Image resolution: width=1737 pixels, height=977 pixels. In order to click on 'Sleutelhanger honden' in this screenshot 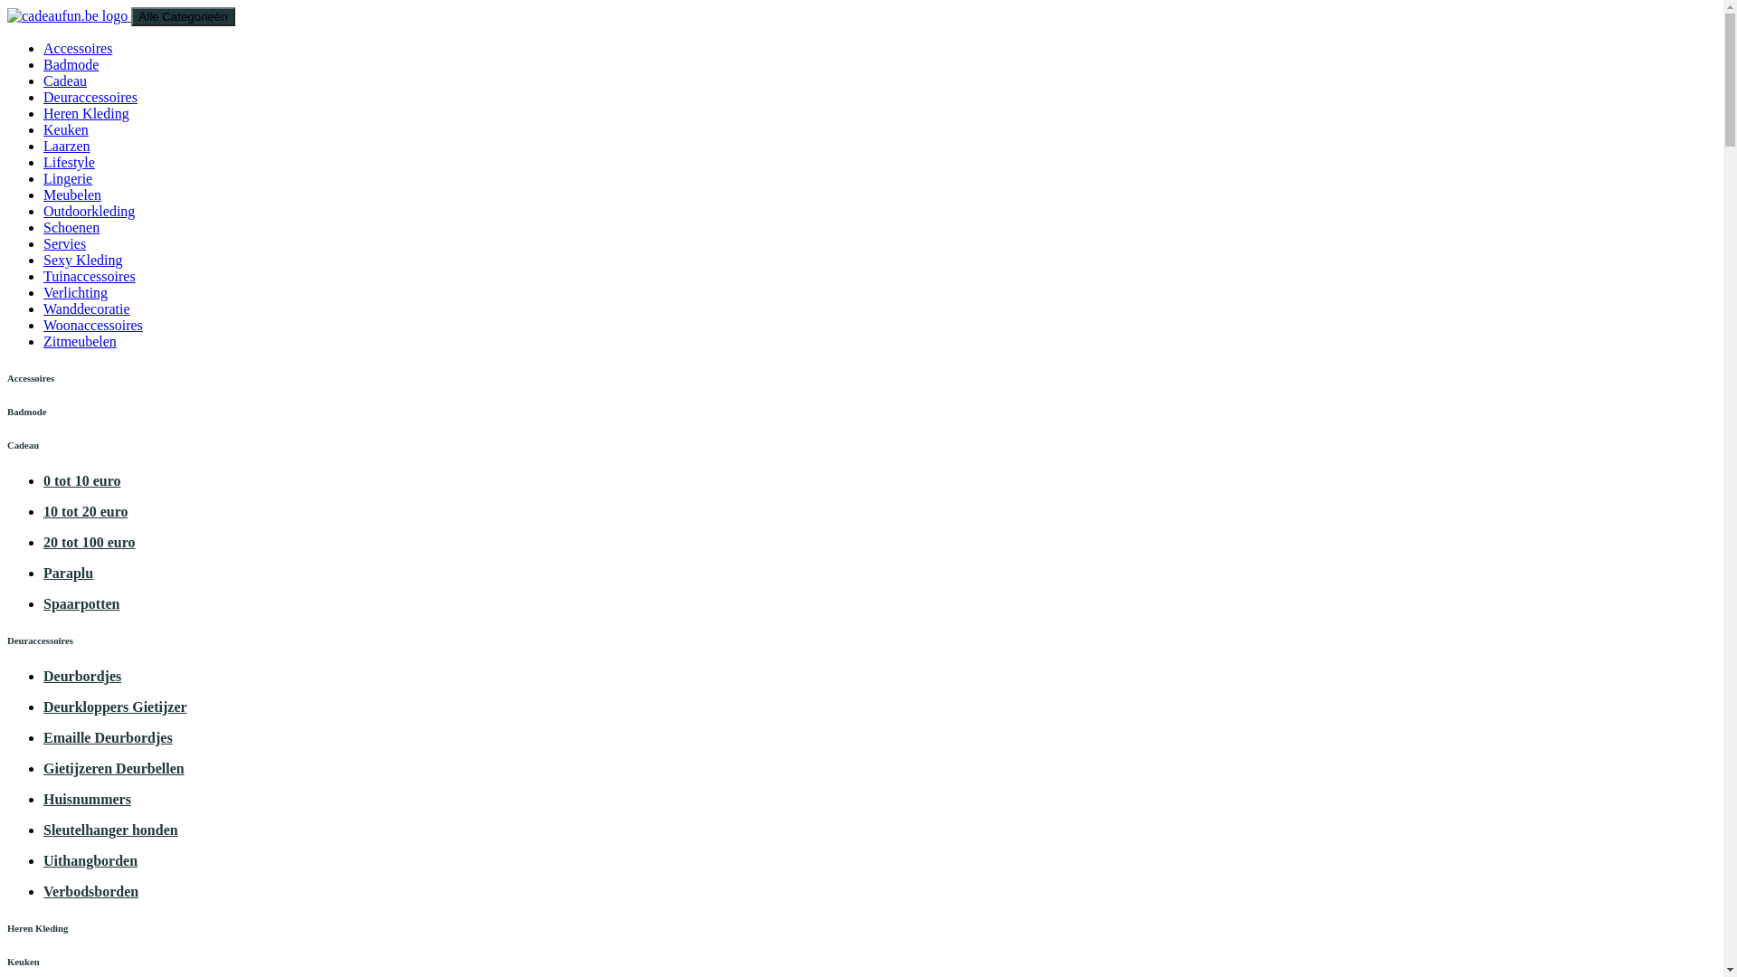, I will do `click(109, 830)`.